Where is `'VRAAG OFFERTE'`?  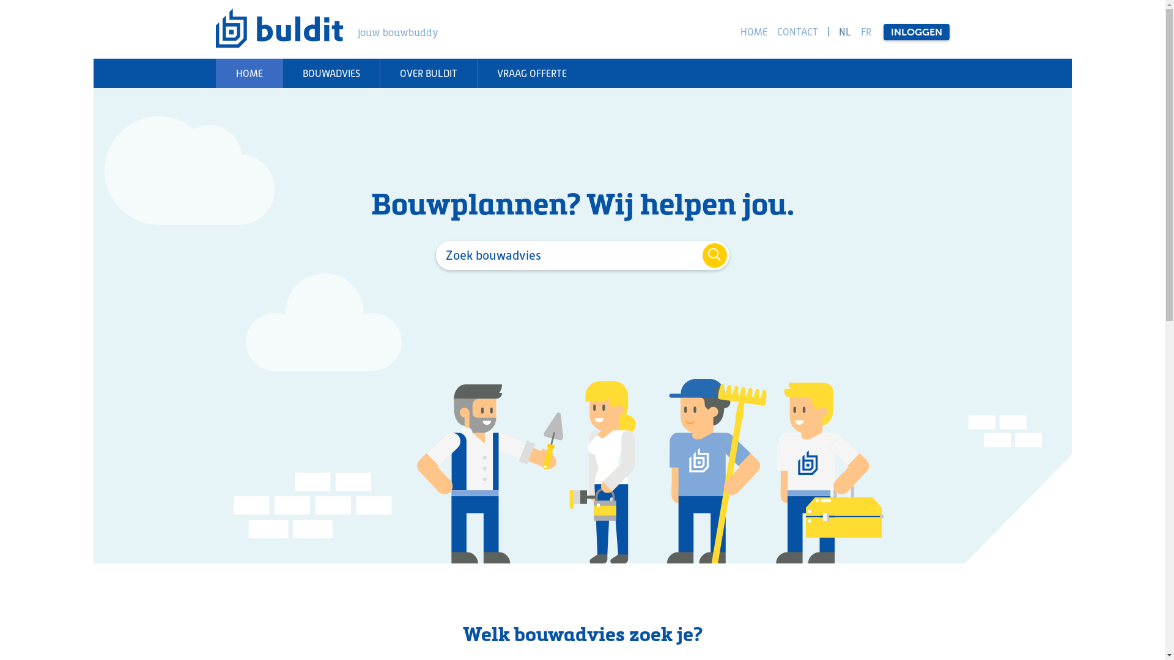
'VRAAG OFFERTE' is located at coordinates (531, 73).